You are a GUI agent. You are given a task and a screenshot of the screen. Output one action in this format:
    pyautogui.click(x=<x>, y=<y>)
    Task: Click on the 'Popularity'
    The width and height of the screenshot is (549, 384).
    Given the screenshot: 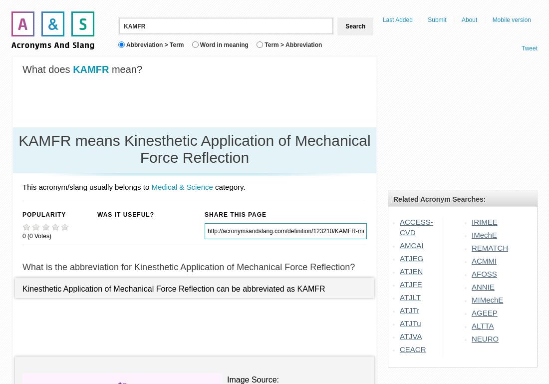 What is the action you would take?
    pyautogui.click(x=44, y=214)
    